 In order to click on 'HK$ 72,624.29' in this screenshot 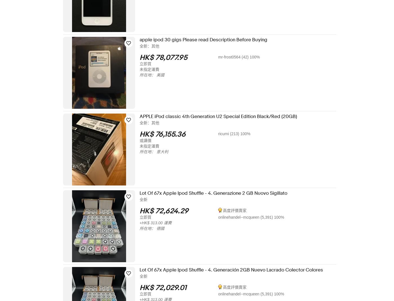, I will do `click(143, 211)`.